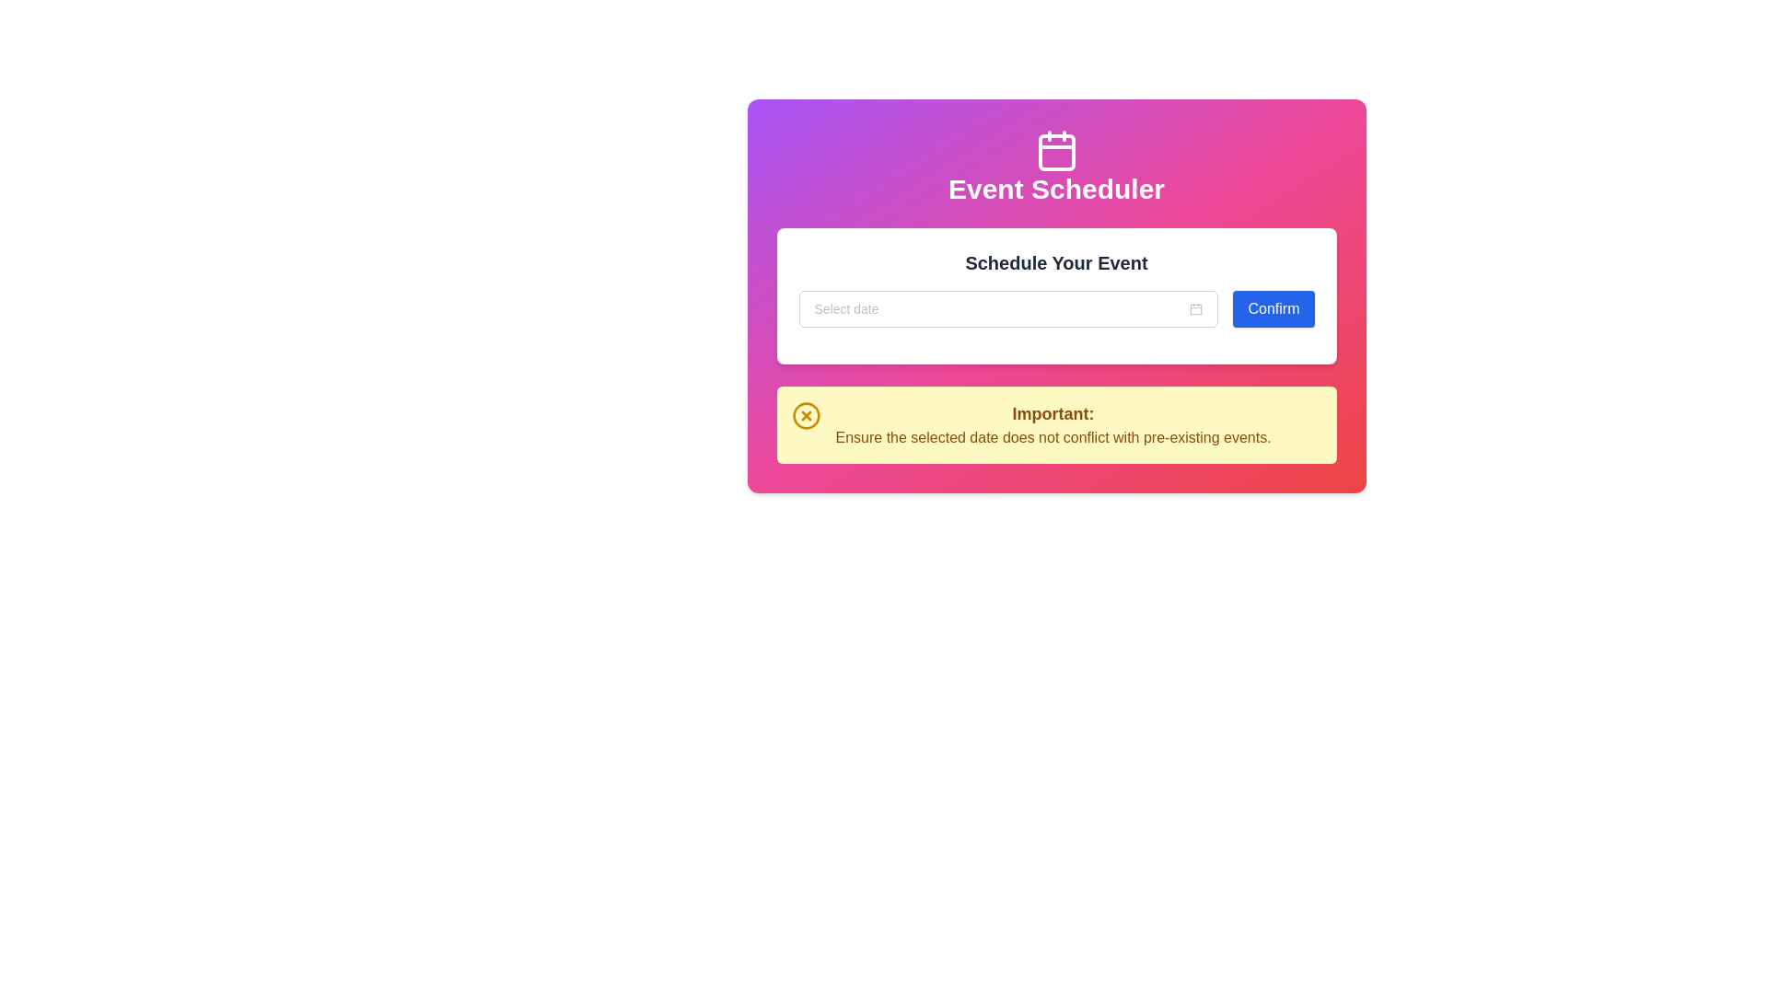  What do you see at coordinates (1007, 307) in the screenshot?
I see `the Date Picker Input Field located within the 'Schedule Your Event' card, positioned to the left of the 'Confirm' button` at bounding box center [1007, 307].